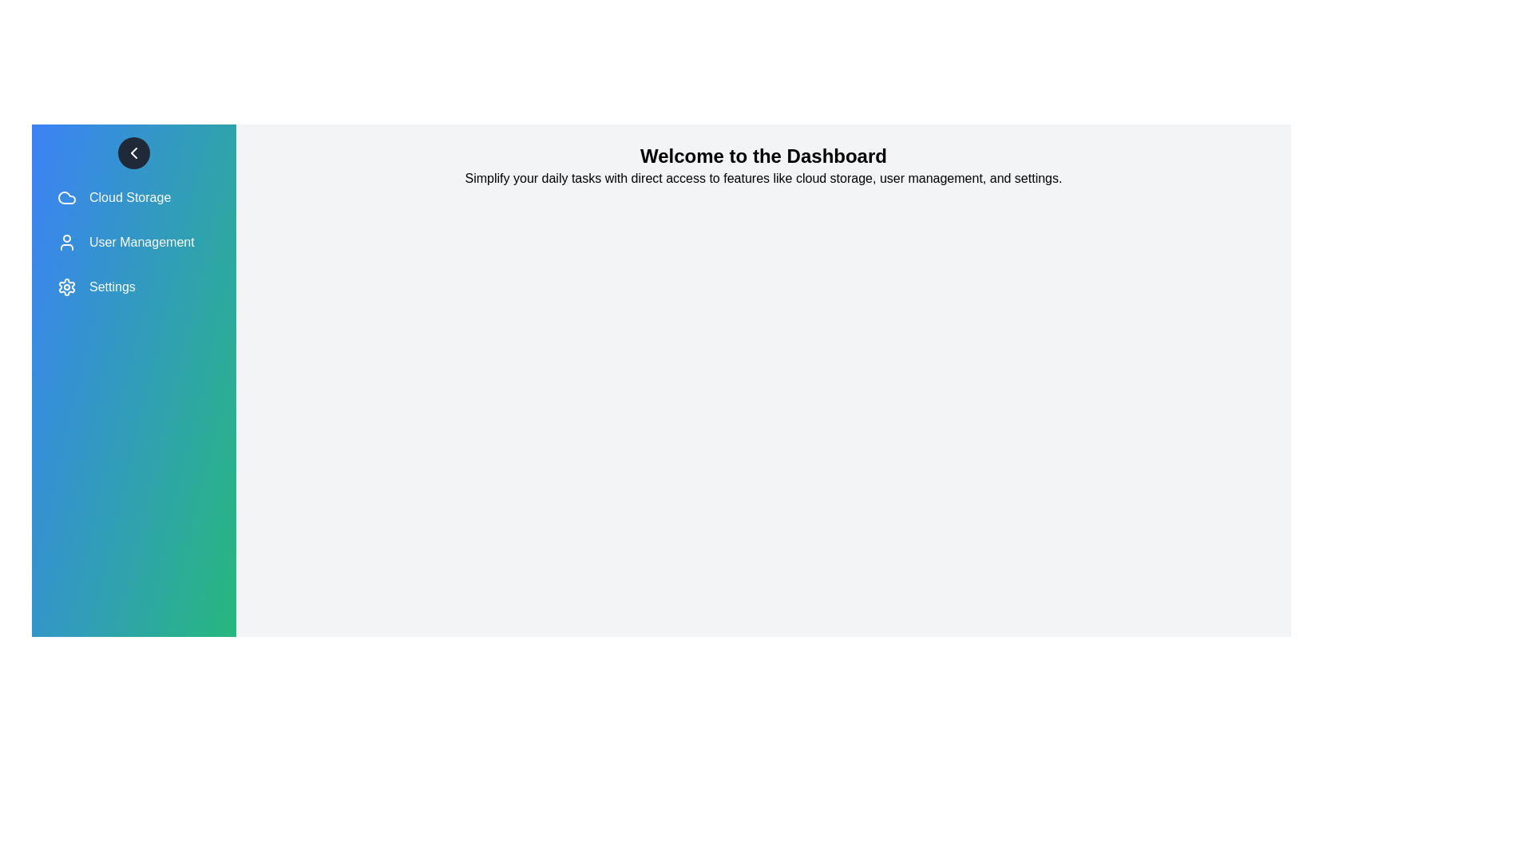 This screenshot has height=862, width=1533. What do you see at coordinates (134, 286) in the screenshot?
I see `the 'Settings' menu item in the DashboardDrawer` at bounding box center [134, 286].